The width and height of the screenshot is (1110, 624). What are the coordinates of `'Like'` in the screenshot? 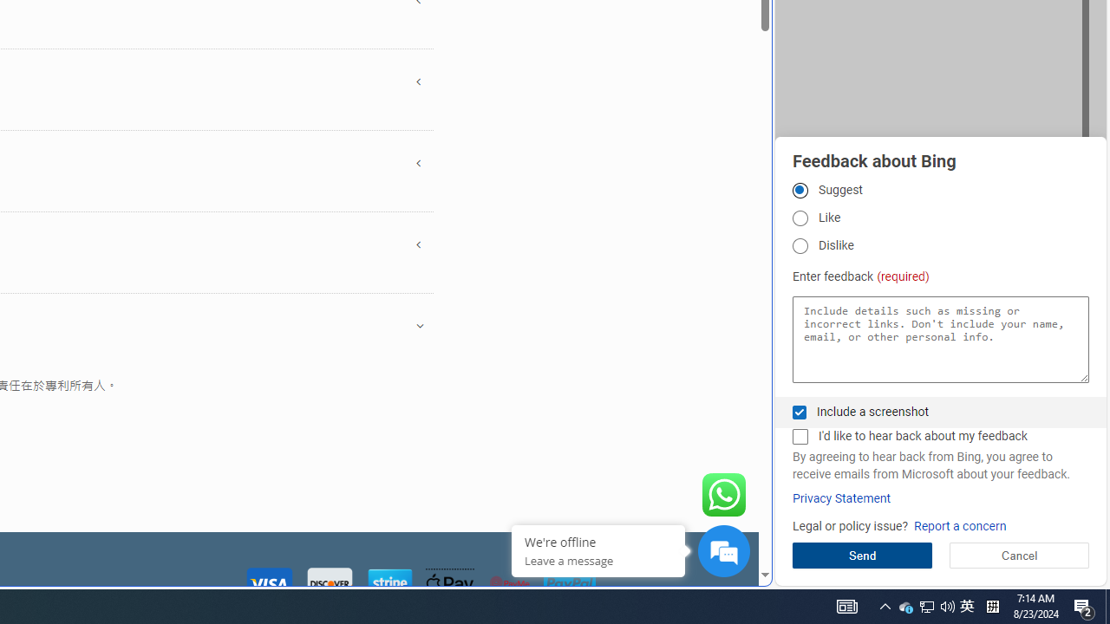 It's located at (799, 217).